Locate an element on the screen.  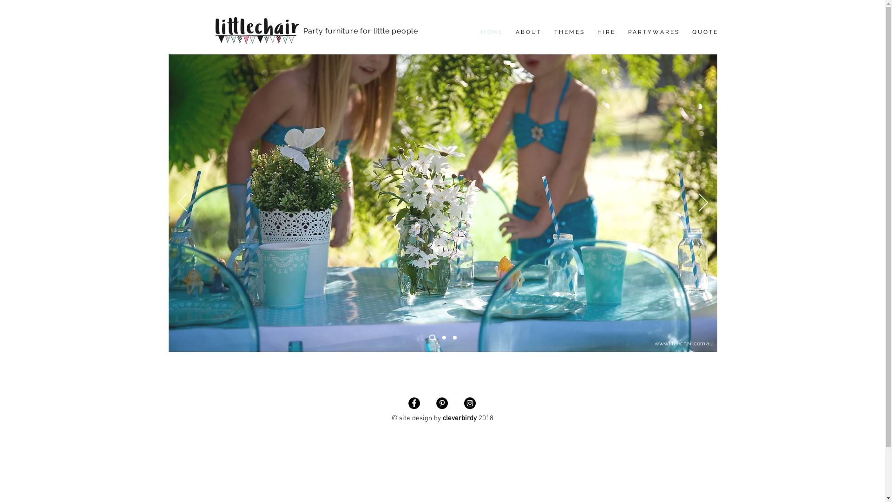
'cleverbirdy' is located at coordinates (459, 417).